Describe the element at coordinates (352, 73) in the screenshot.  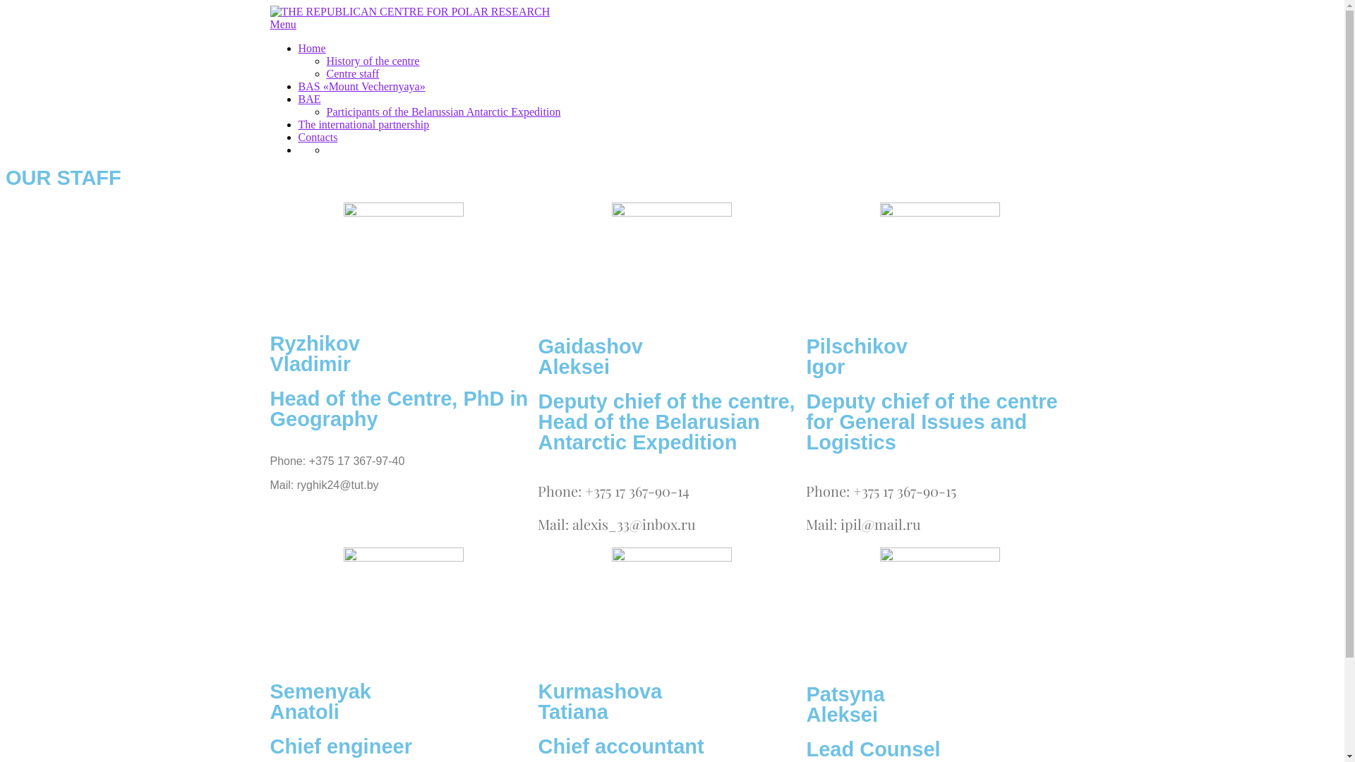
I see `'Centre staff'` at that location.